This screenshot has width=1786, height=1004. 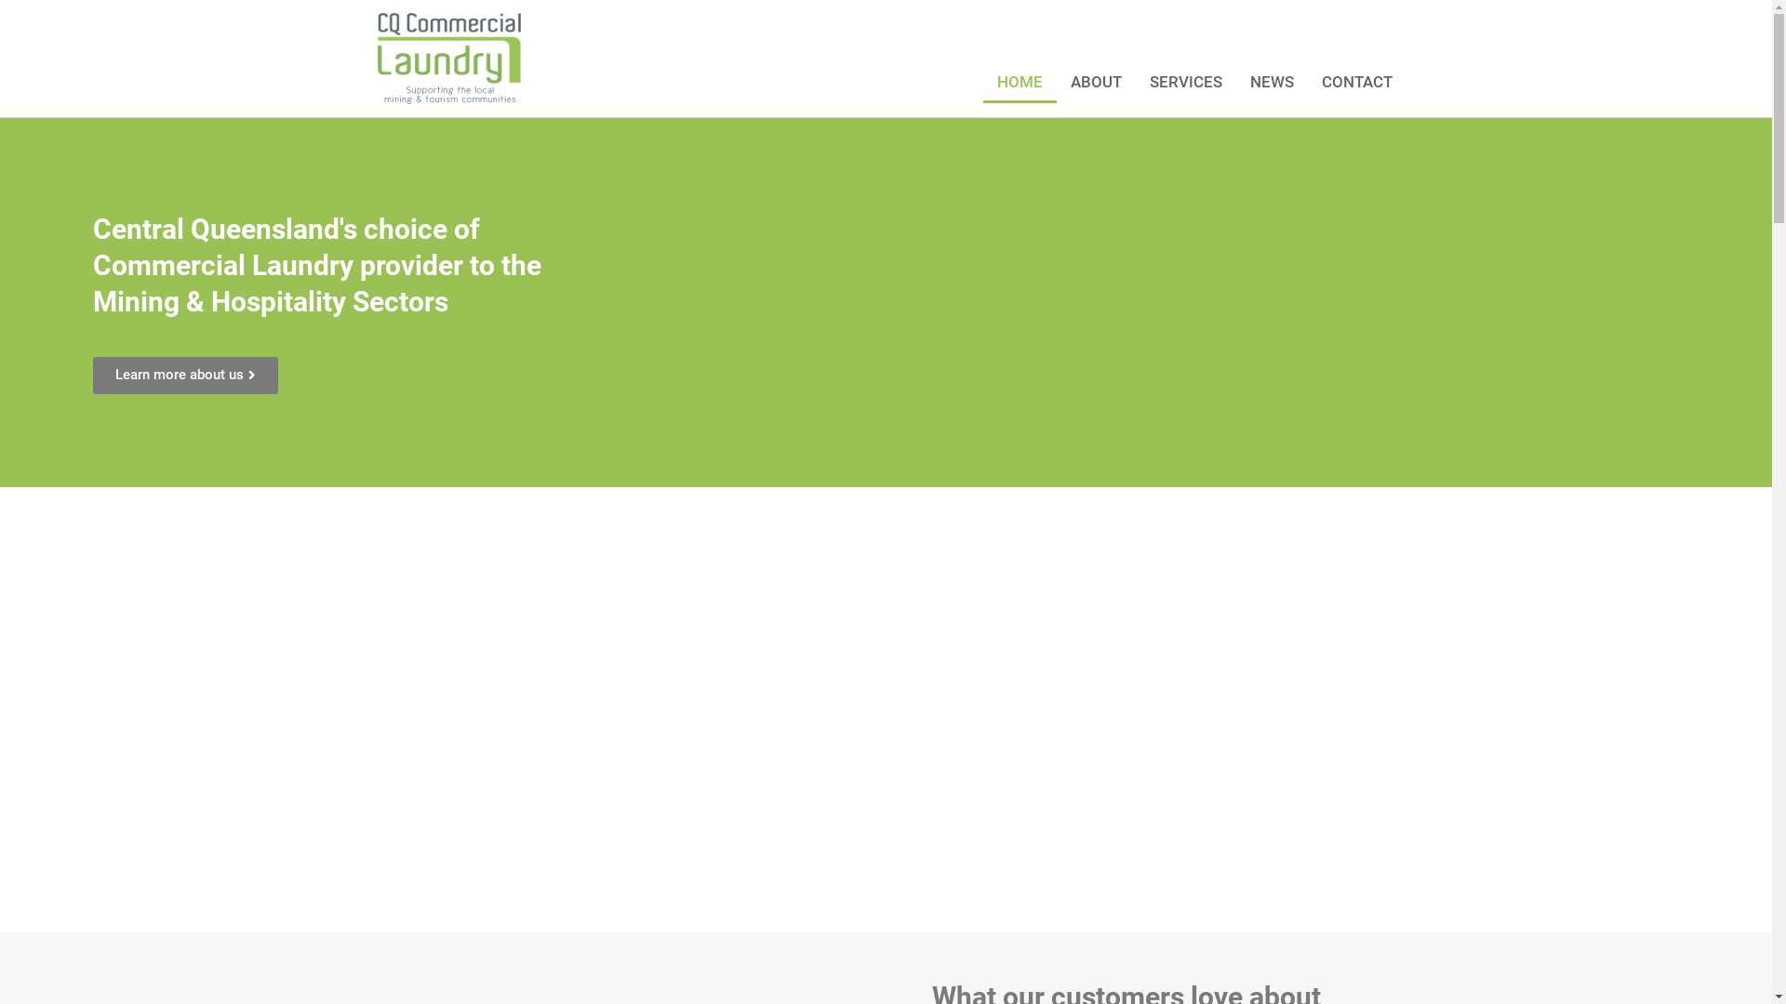 I want to click on 'SERVICES', so click(x=1185, y=81).